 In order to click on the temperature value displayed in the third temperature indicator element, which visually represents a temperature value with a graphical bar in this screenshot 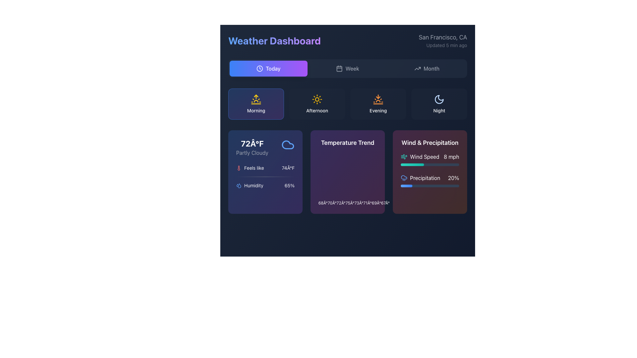, I will do `click(341, 202)`.